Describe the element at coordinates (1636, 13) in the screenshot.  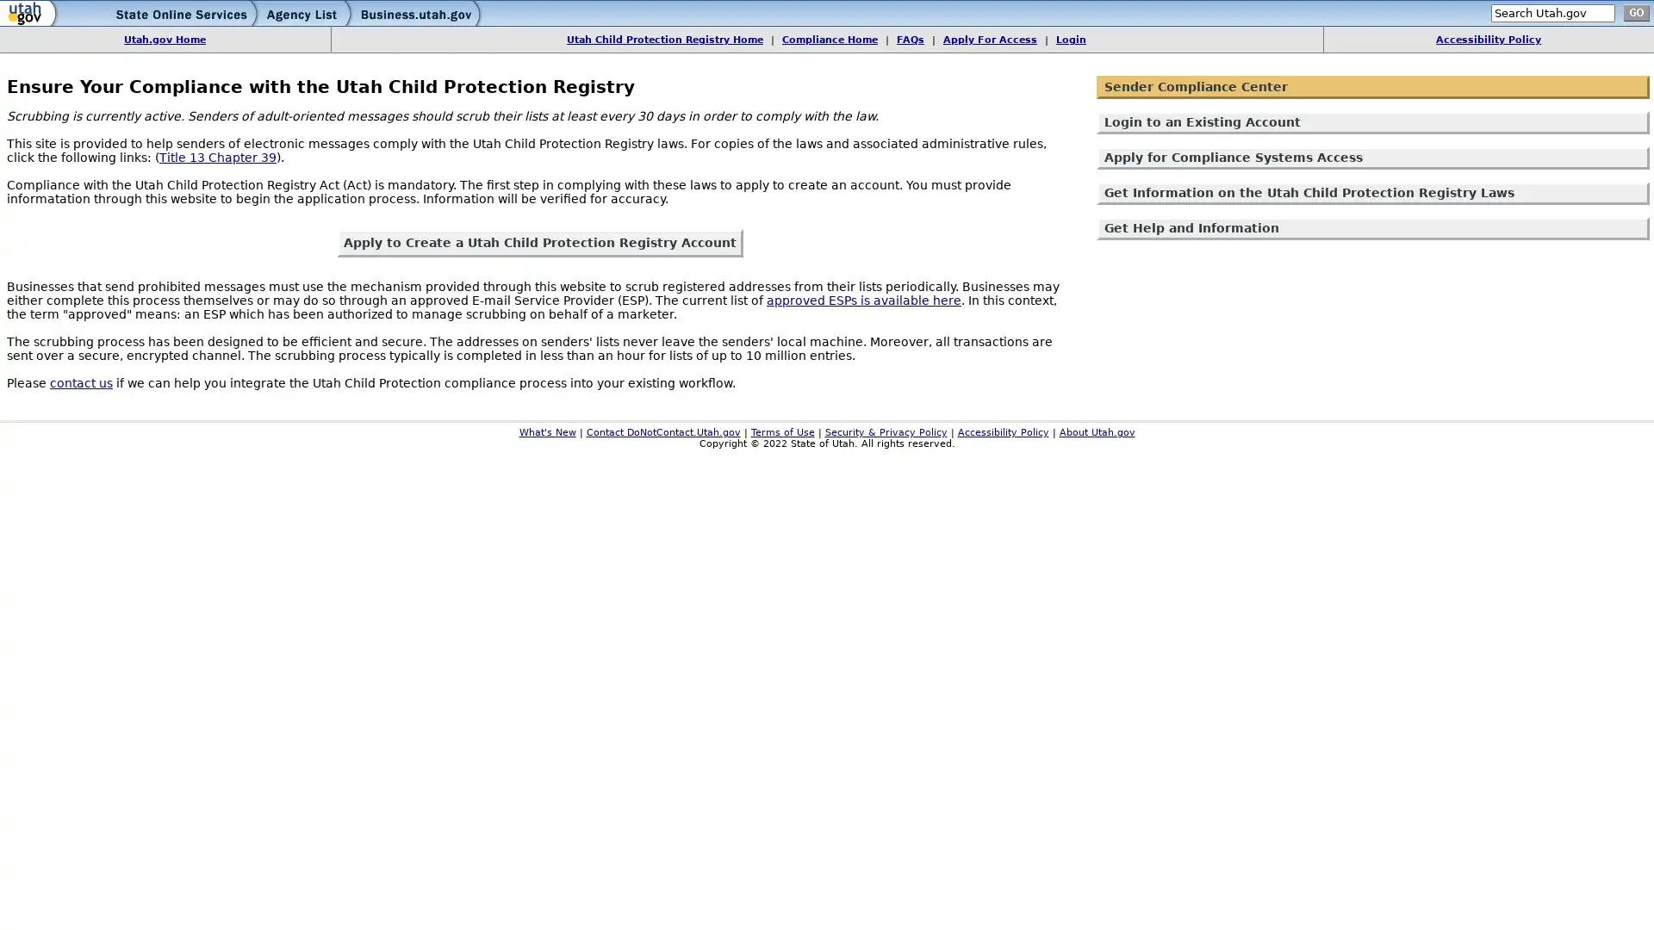
I see `go` at that location.